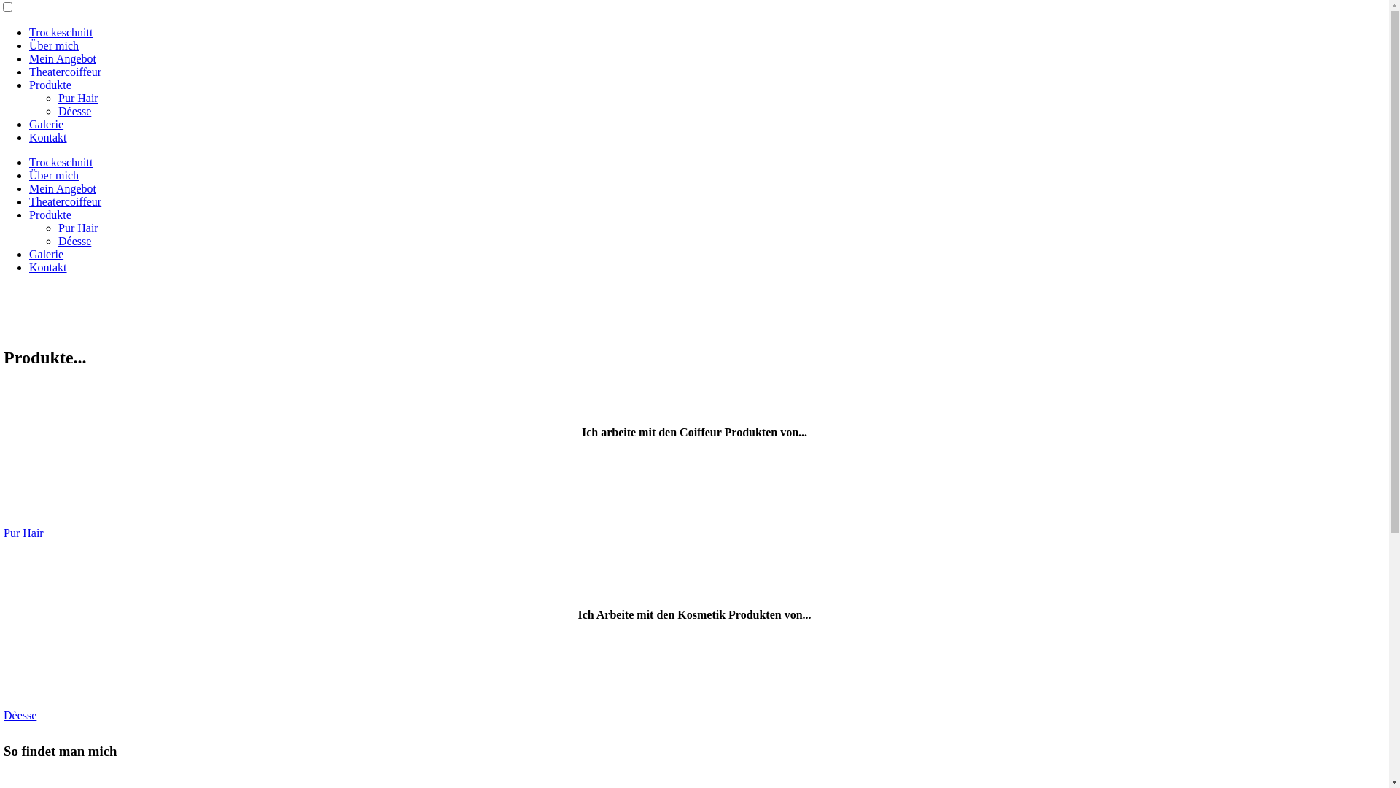 The height and width of the screenshot is (788, 1400). Describe the element at coordinates (60, 32) in the screenshot. I see `'Trockeschnitt'` at that location.